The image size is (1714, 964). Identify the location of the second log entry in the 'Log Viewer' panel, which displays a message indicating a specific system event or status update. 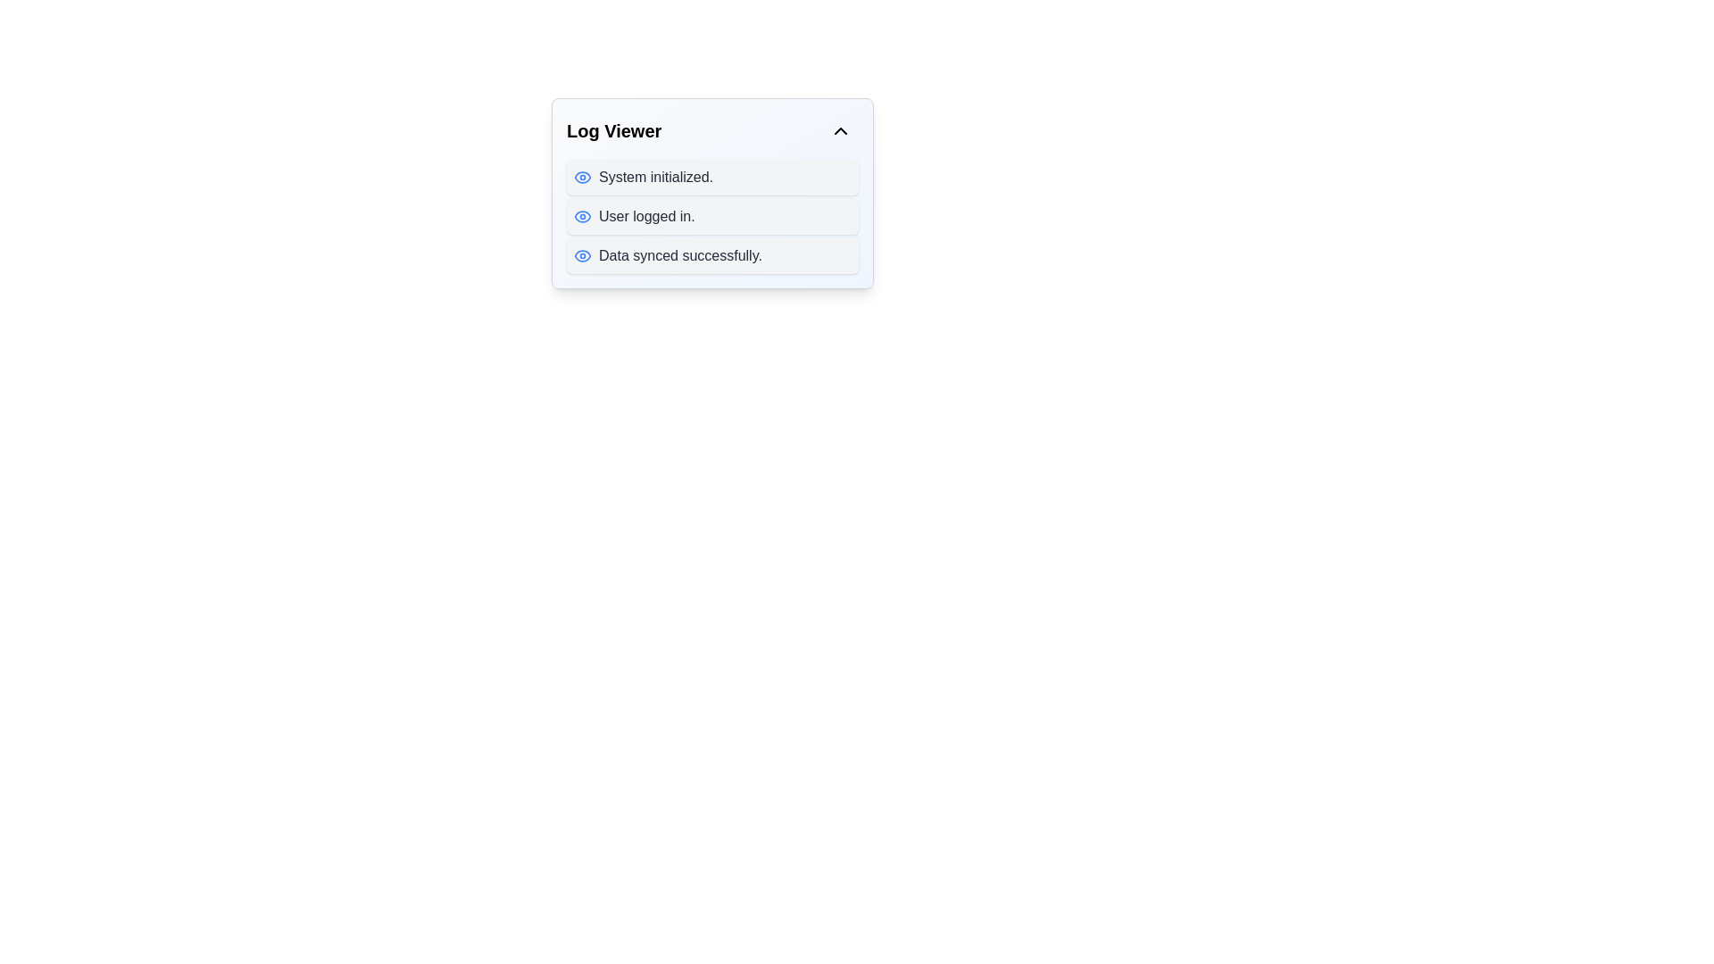
(645, 216).